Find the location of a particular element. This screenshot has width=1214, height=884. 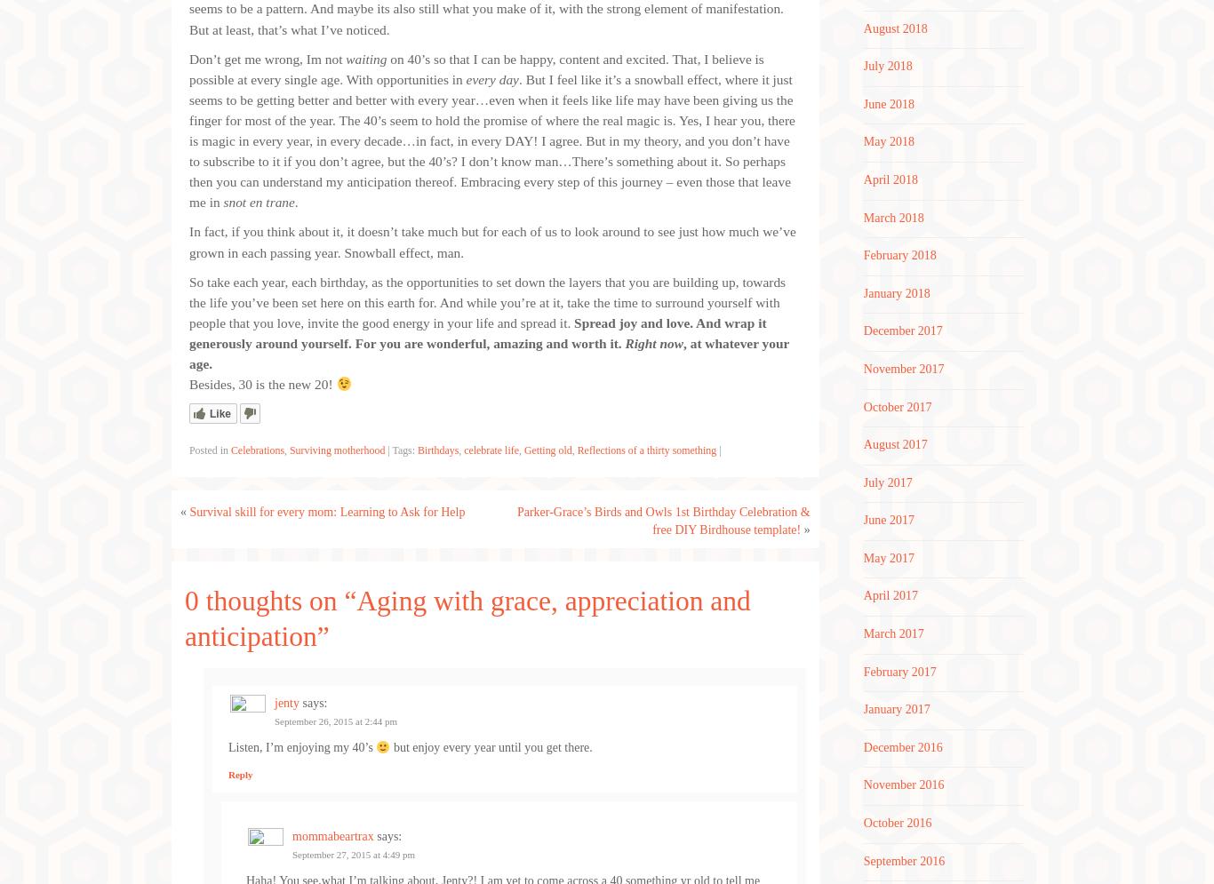

'February 2018' is located at coordinates (862, 254).